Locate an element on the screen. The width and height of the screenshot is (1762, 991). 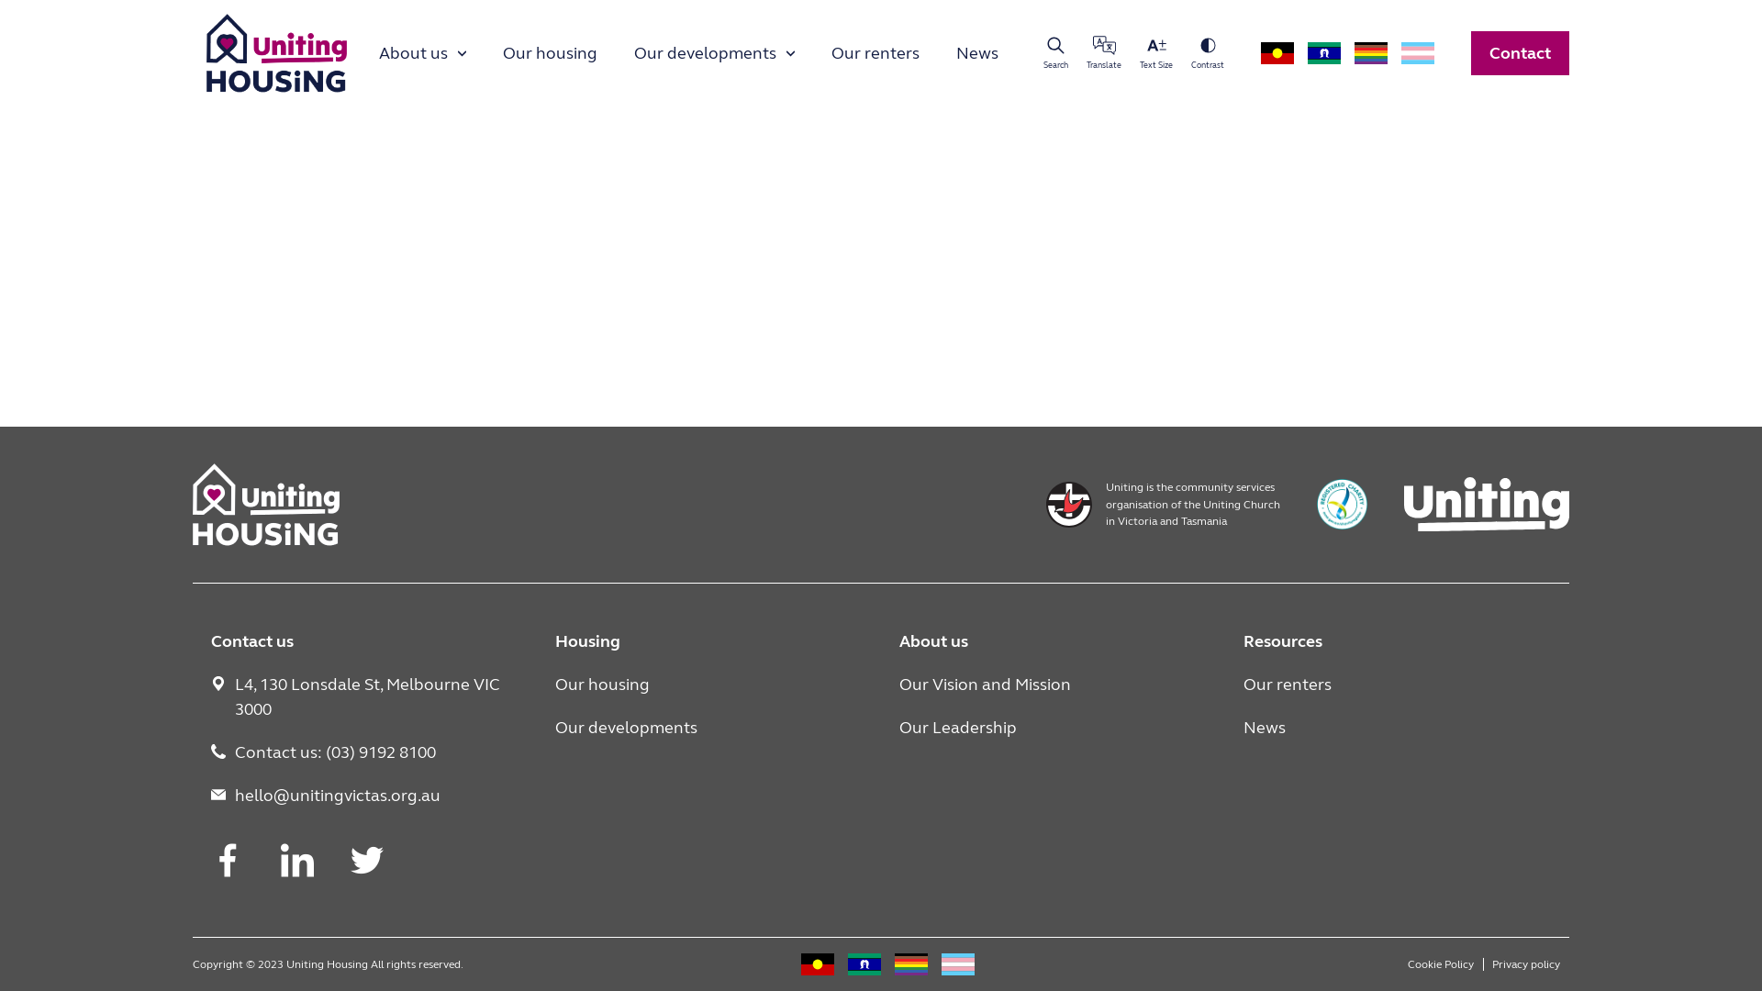
'About us' is located at coordinates (421, 52).